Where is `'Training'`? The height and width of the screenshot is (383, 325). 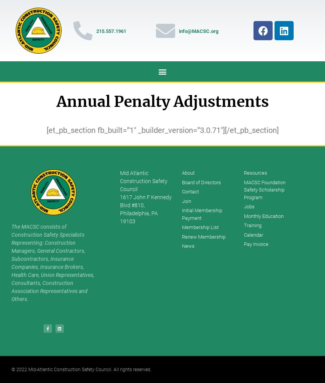
'Training' is located at coordinates (252, 225).